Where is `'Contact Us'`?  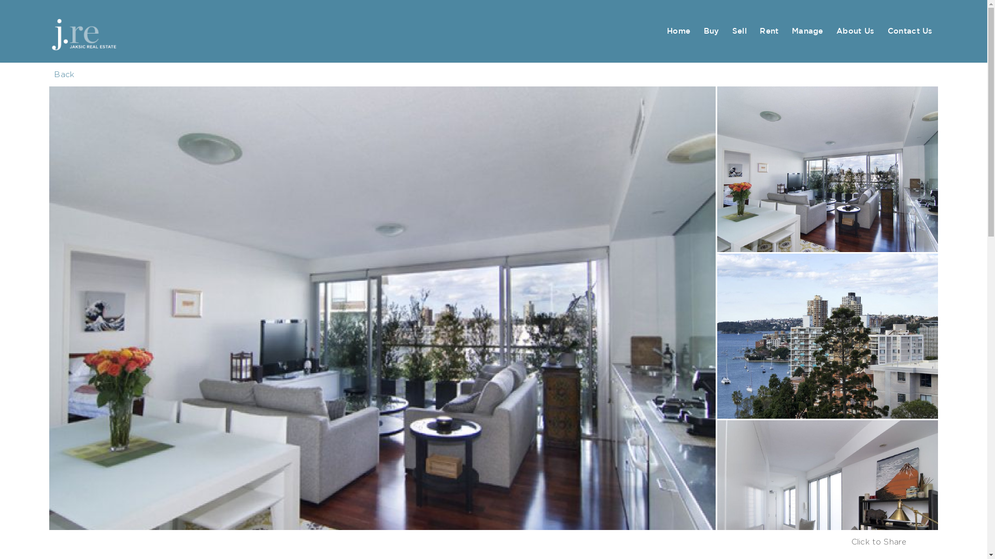
'Contact Us' is located at coordinates (909, 31).